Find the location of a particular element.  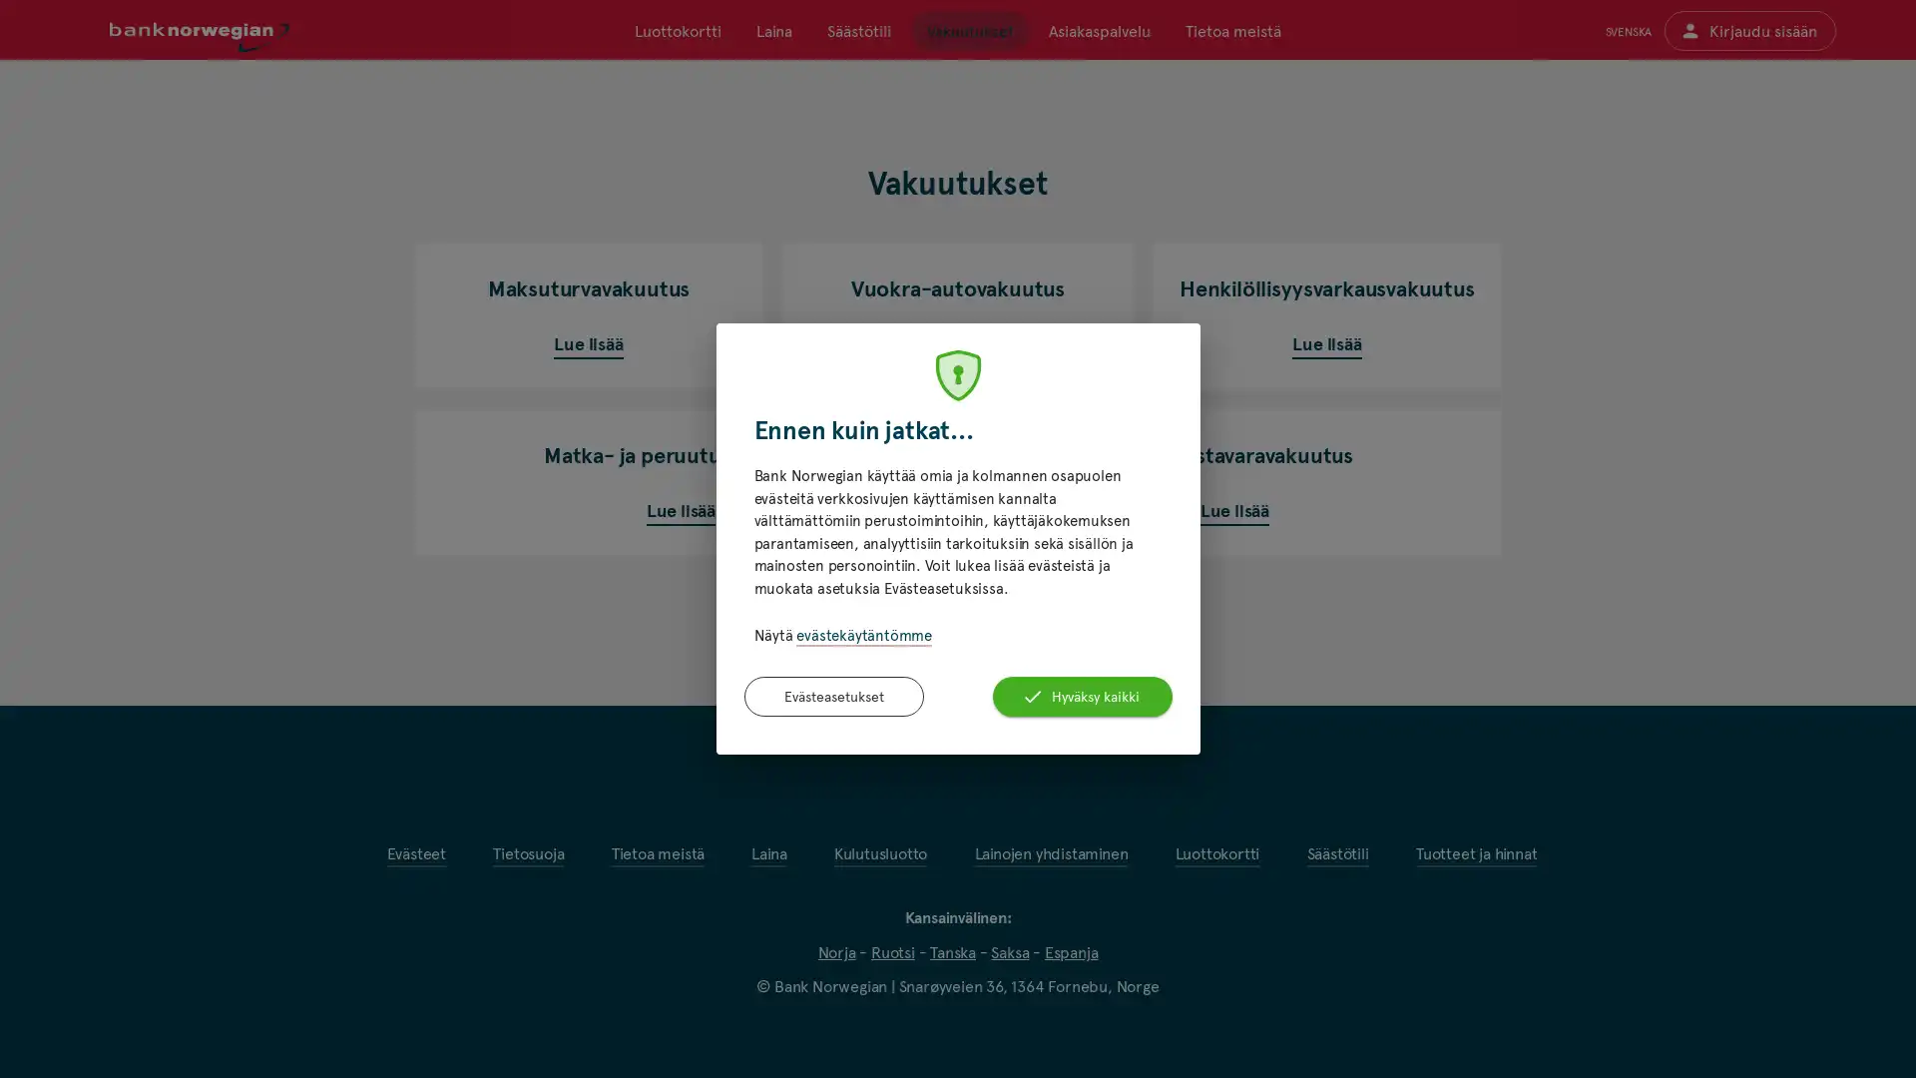

Asiakaspalvelu is located at coordinates (1097, 30).